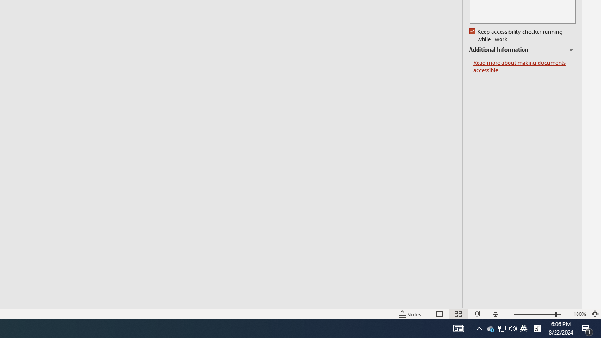  What do you see at coordinates (516, 35) in the screenshot?
I see `'Keep accessibility checker running while I work'` at bounding box center [516, 35].